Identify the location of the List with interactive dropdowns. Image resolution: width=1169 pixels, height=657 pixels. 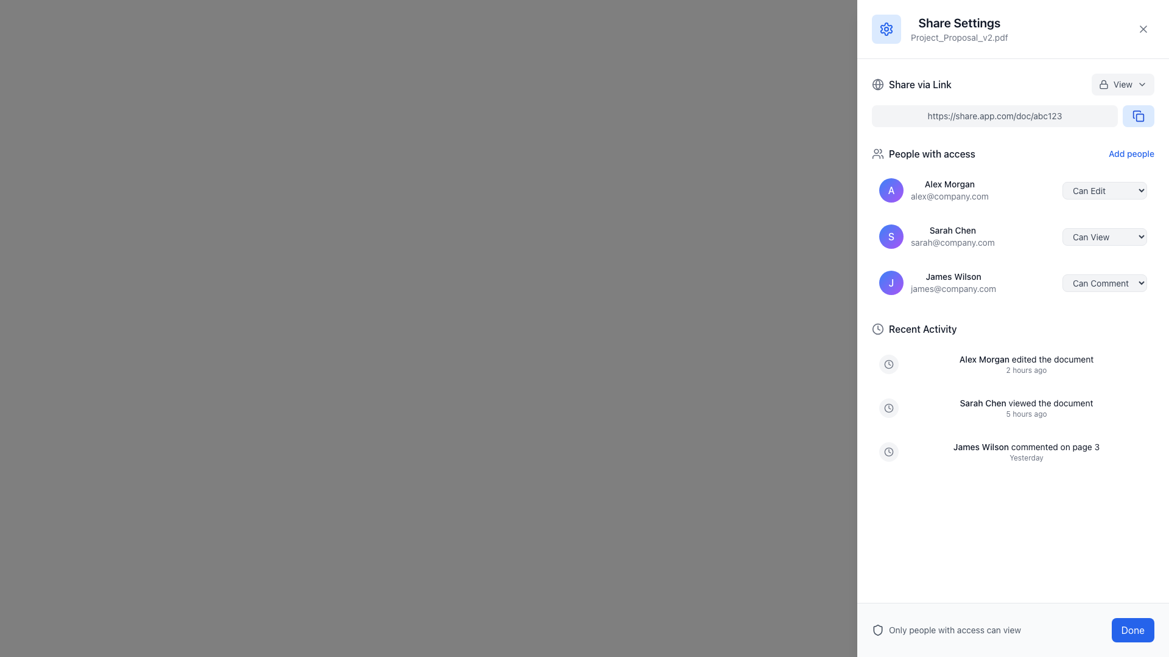
(1013, 224).